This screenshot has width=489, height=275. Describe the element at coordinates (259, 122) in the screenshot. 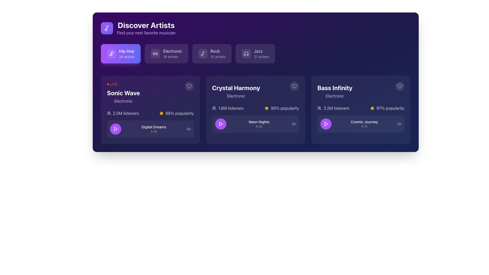

I see `the static text label that displays the title of the audio track within the 'Crystal Harmony' card, which is located below the purple play button and above the 4:20 duration text` at that location.